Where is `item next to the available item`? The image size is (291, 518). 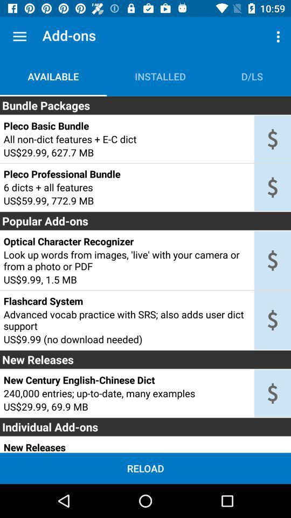
item next to the available item is located at coordinates (160, 76).